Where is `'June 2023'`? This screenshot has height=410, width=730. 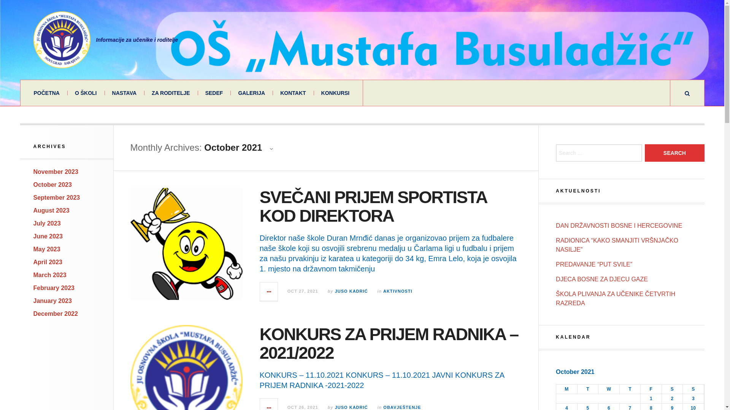 'June 2023' is located at coordinates (33, 236).